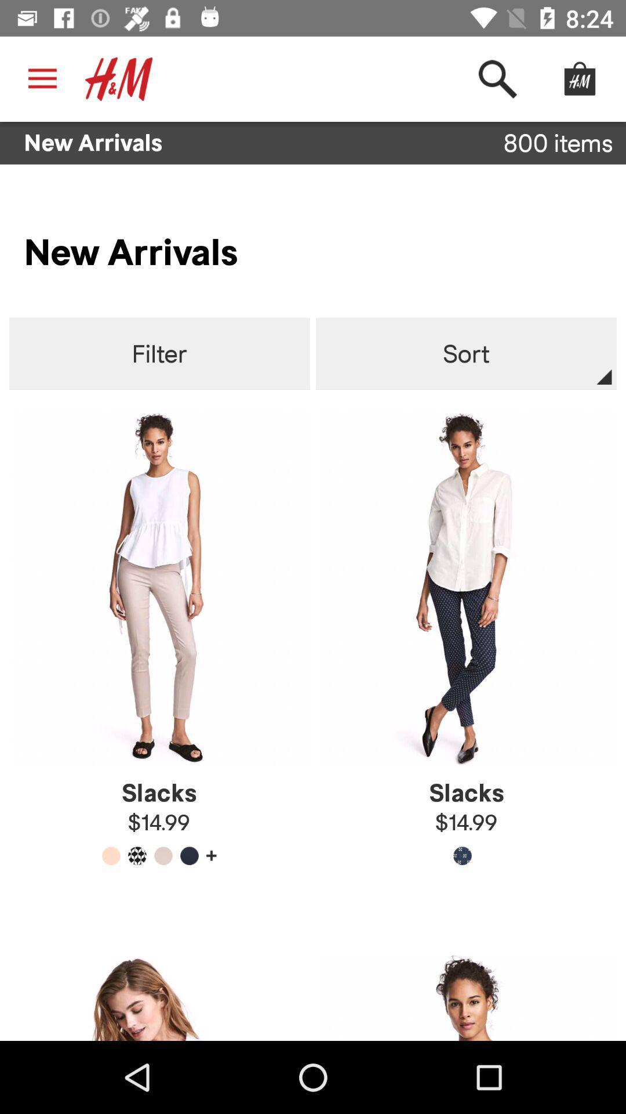 The height and width of the screenshot is (1114, 626). I want to click on the icon above the new arrivals icon, so click(42, 78).